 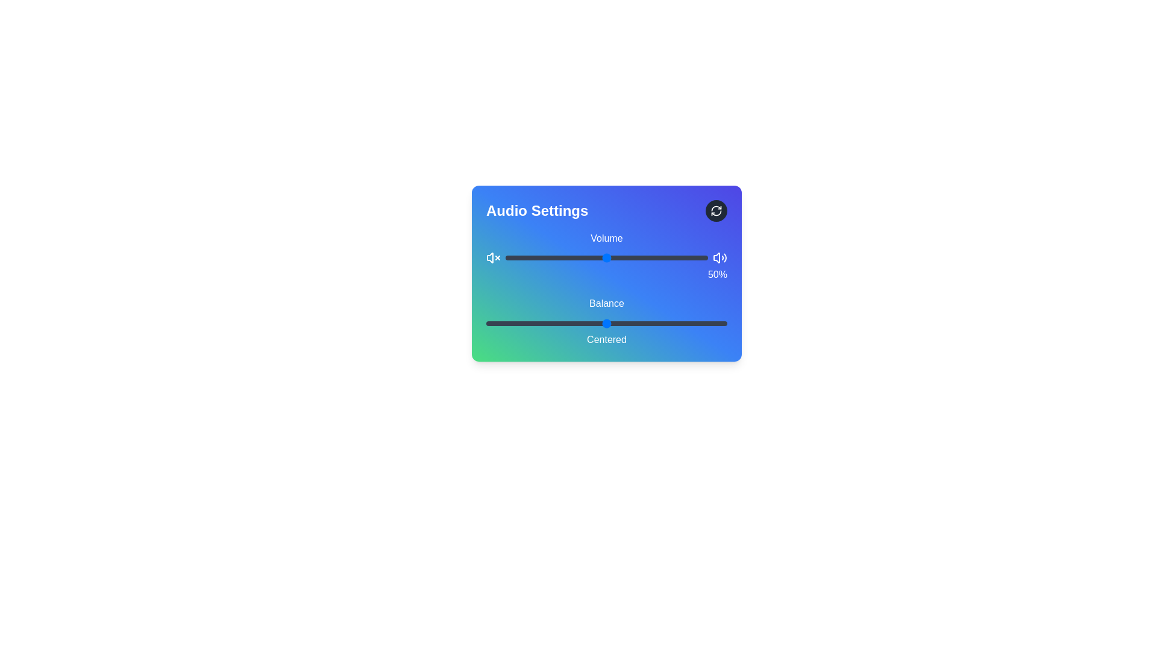 What do you see at coordinates (536, 210) in the screenshot?
I see `the 'Audio Settings' text label, which is styled in a large and bold font and located near the top left corner of the UI card` at bounding box center [536, 210].